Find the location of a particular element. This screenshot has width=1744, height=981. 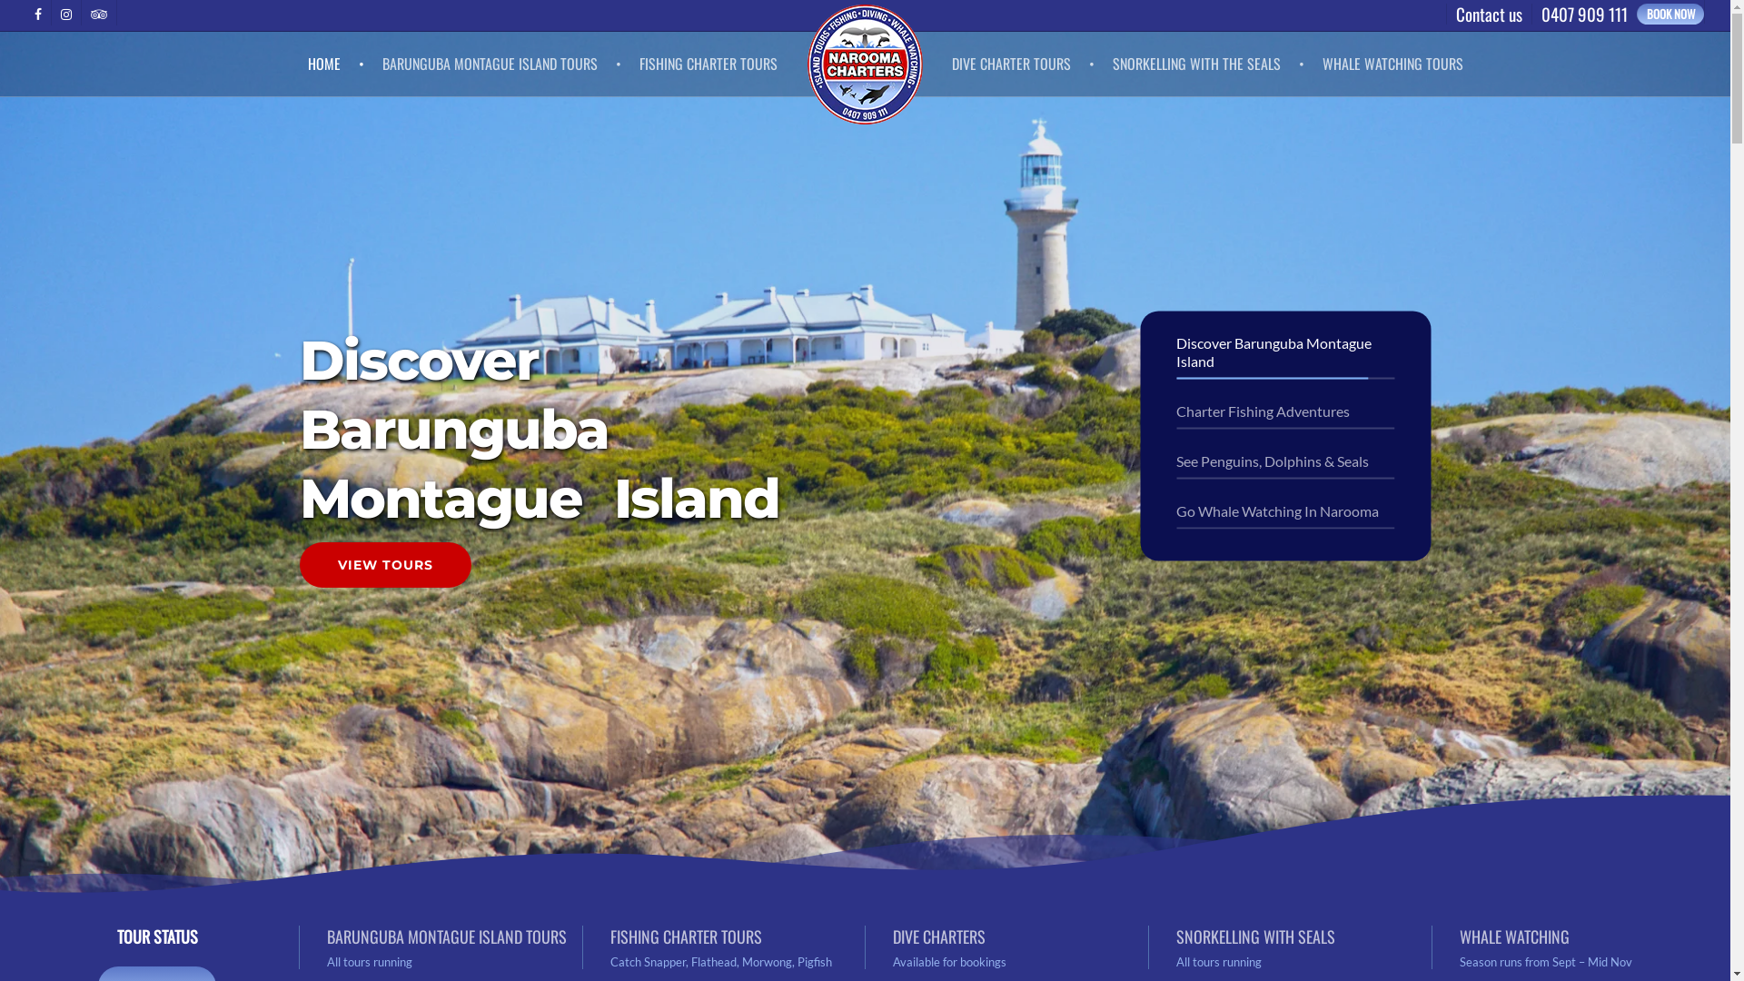

'facebook' is located at coordinates (38, 13).